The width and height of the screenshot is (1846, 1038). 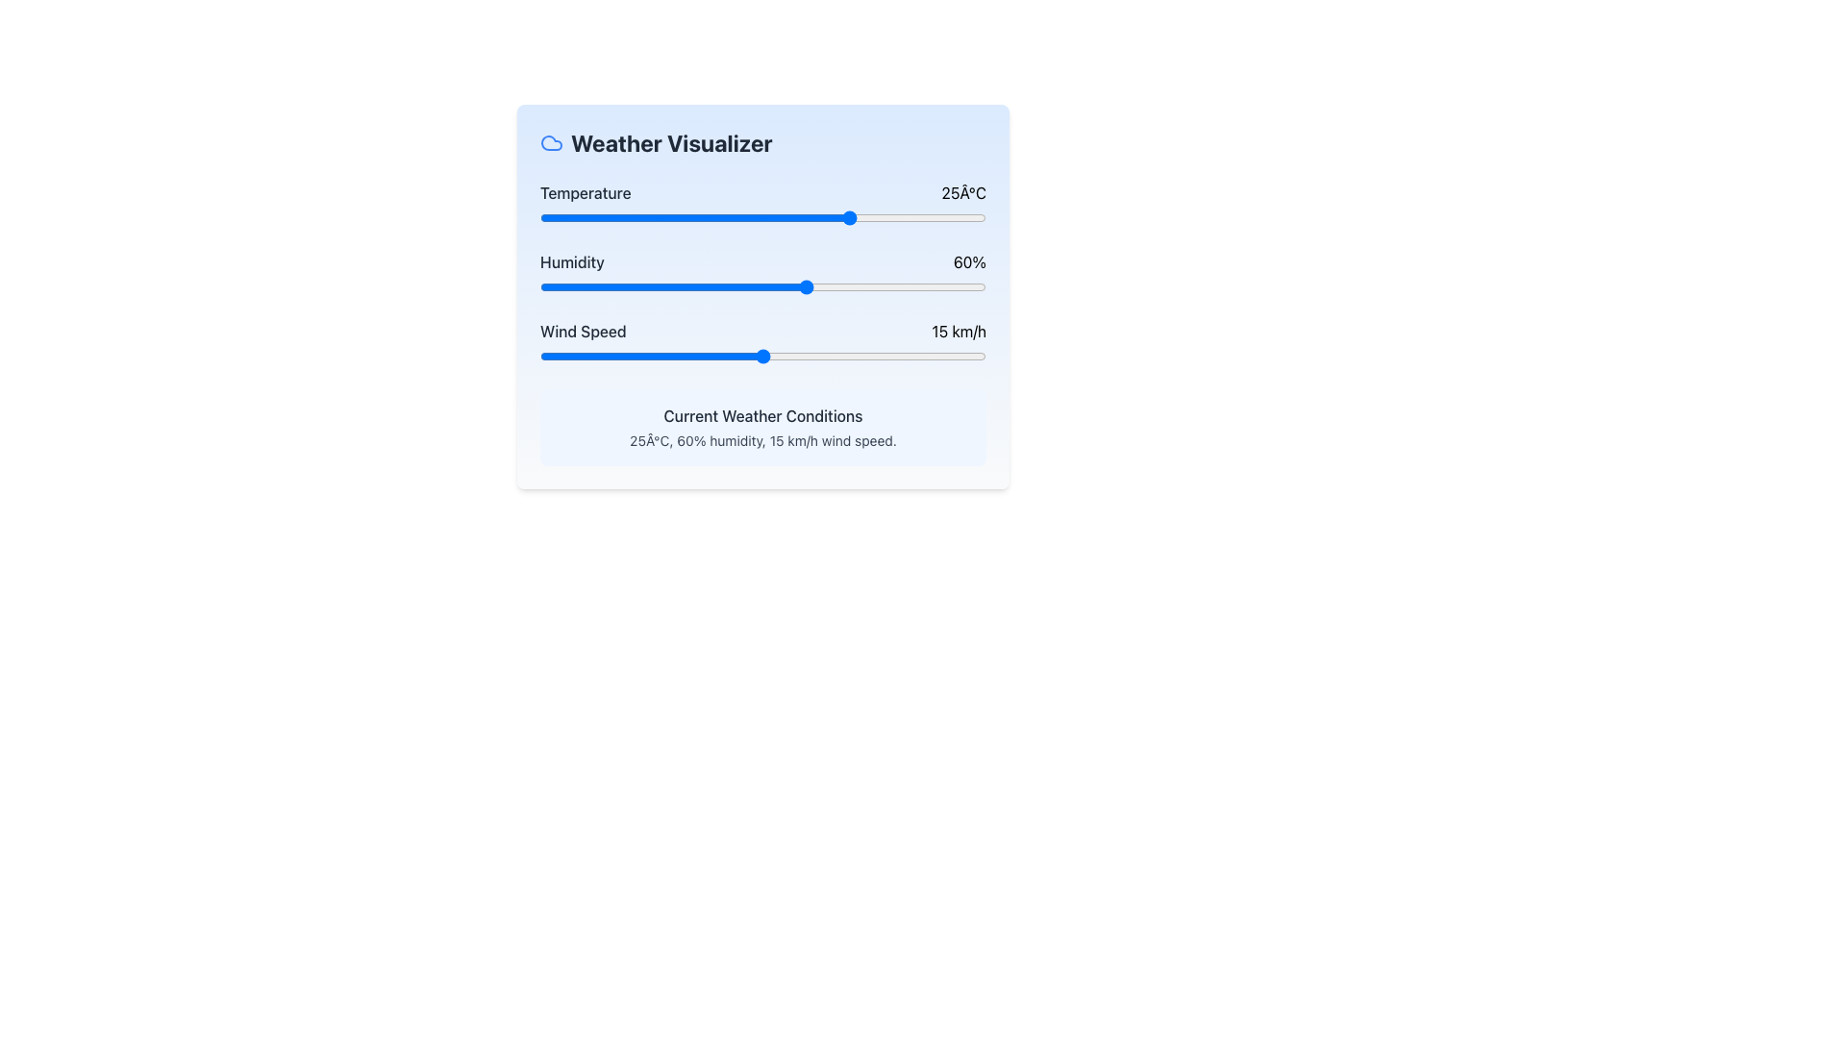 What do you see at coordinates (664, 217) in the screenshot?
I see `the temperature` at bounding box center [664, 217].